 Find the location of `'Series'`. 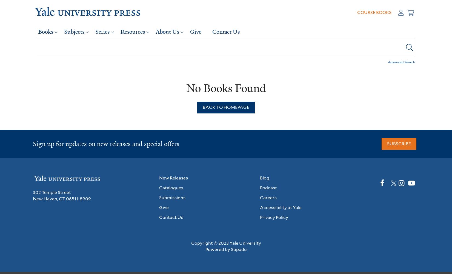

'Series' is located at coordinates (102, 31).